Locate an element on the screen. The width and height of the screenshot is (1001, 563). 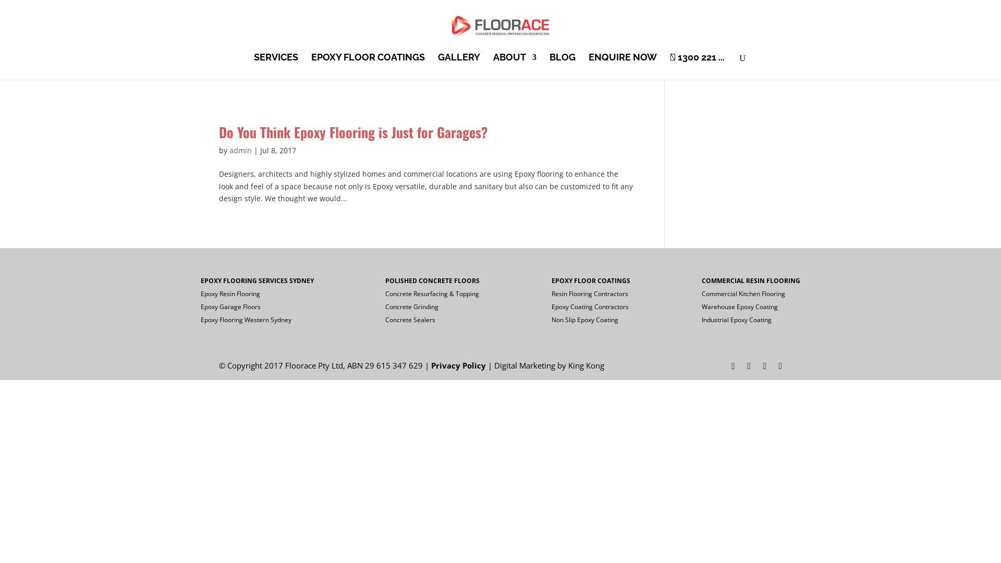
'Do You Think Epoxy Flooring is Just for Garages?' is located at coordinates (353, 131).